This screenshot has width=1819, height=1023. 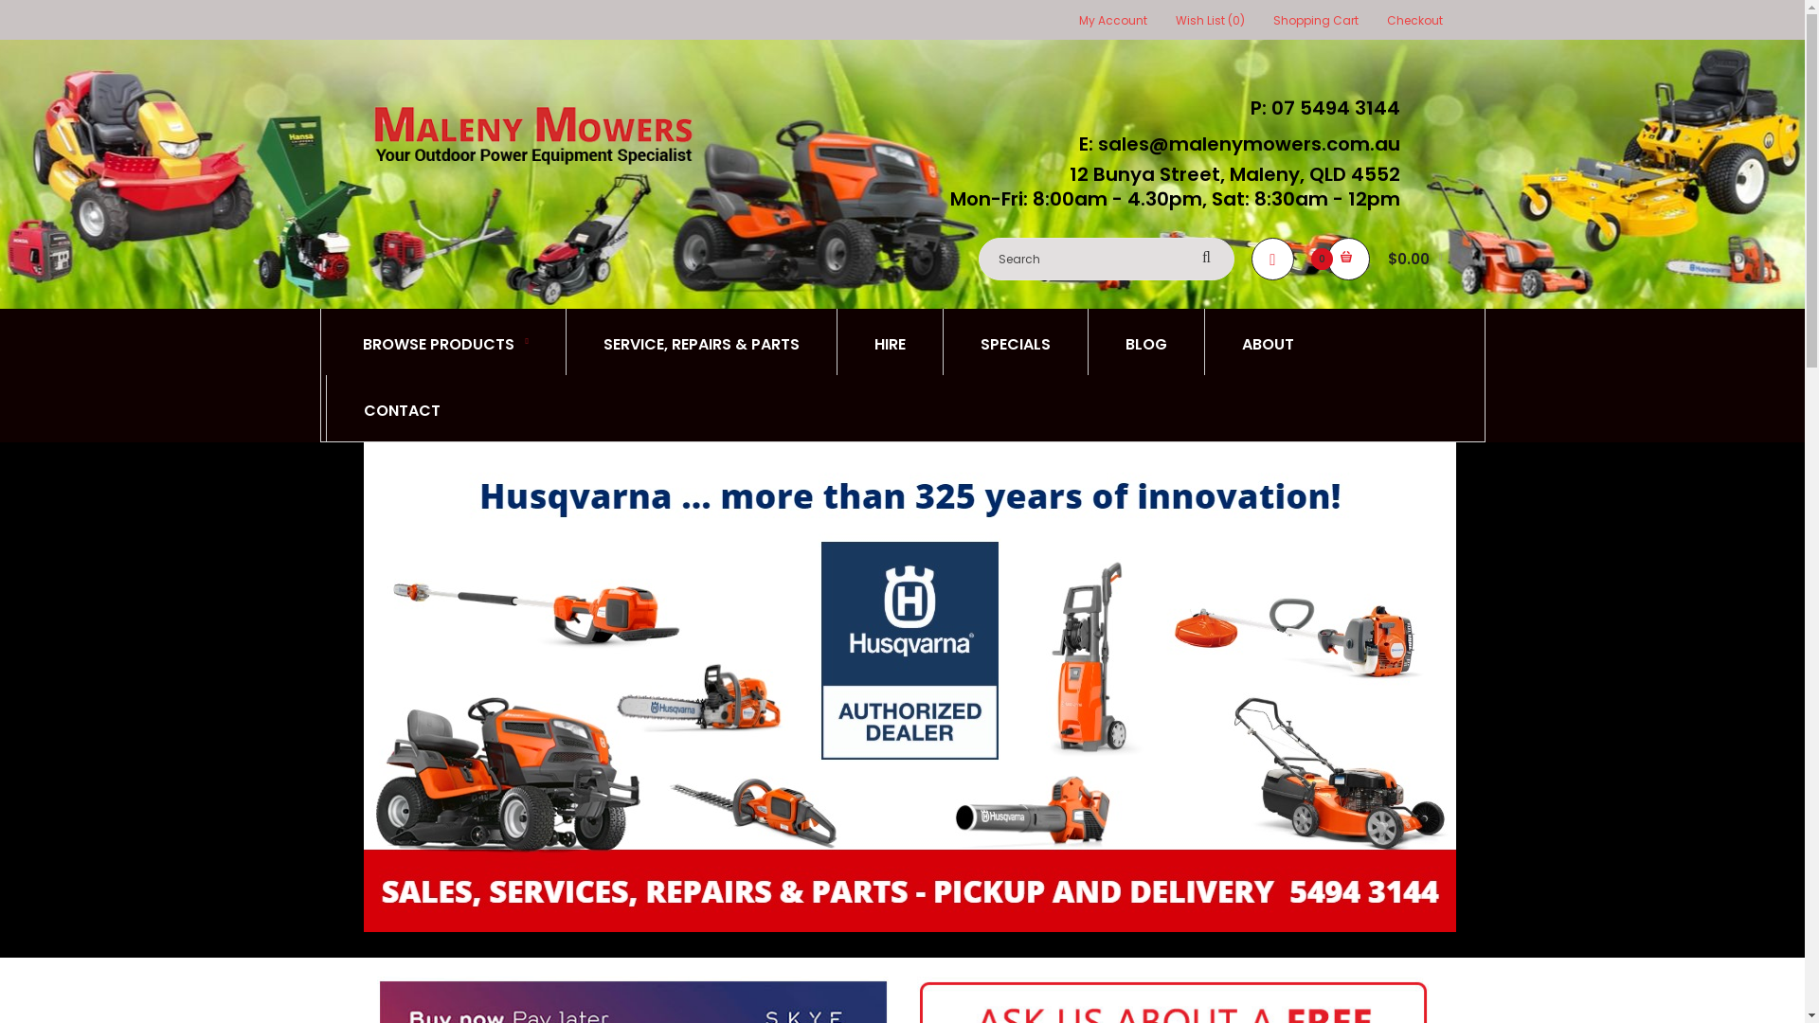 What do you see at coordinates (444, 342) in the screenshot?
I see `'BROWSE PRODUCTS'` at bounding box center [444, 342].